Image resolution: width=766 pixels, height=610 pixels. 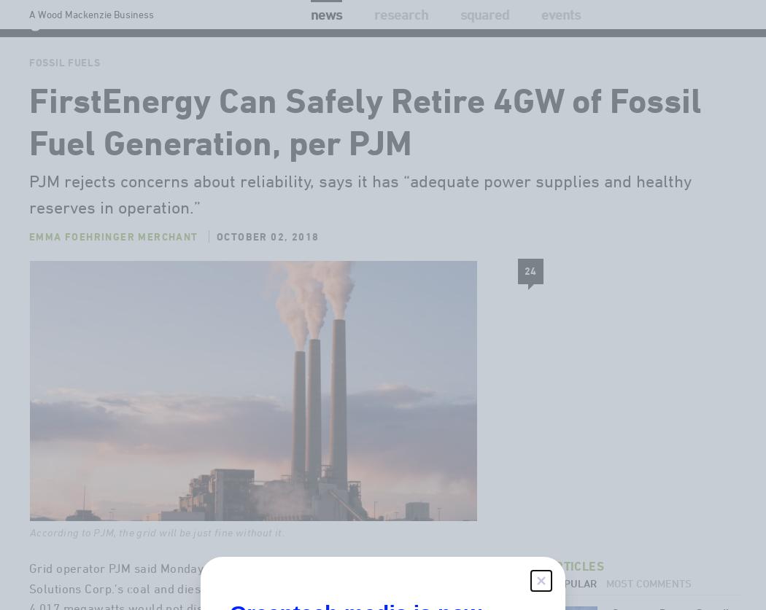 What do you see at coordinates (617, 62) in the screenshot?
I see `'Webinars'` at bounding box center [617, 62].